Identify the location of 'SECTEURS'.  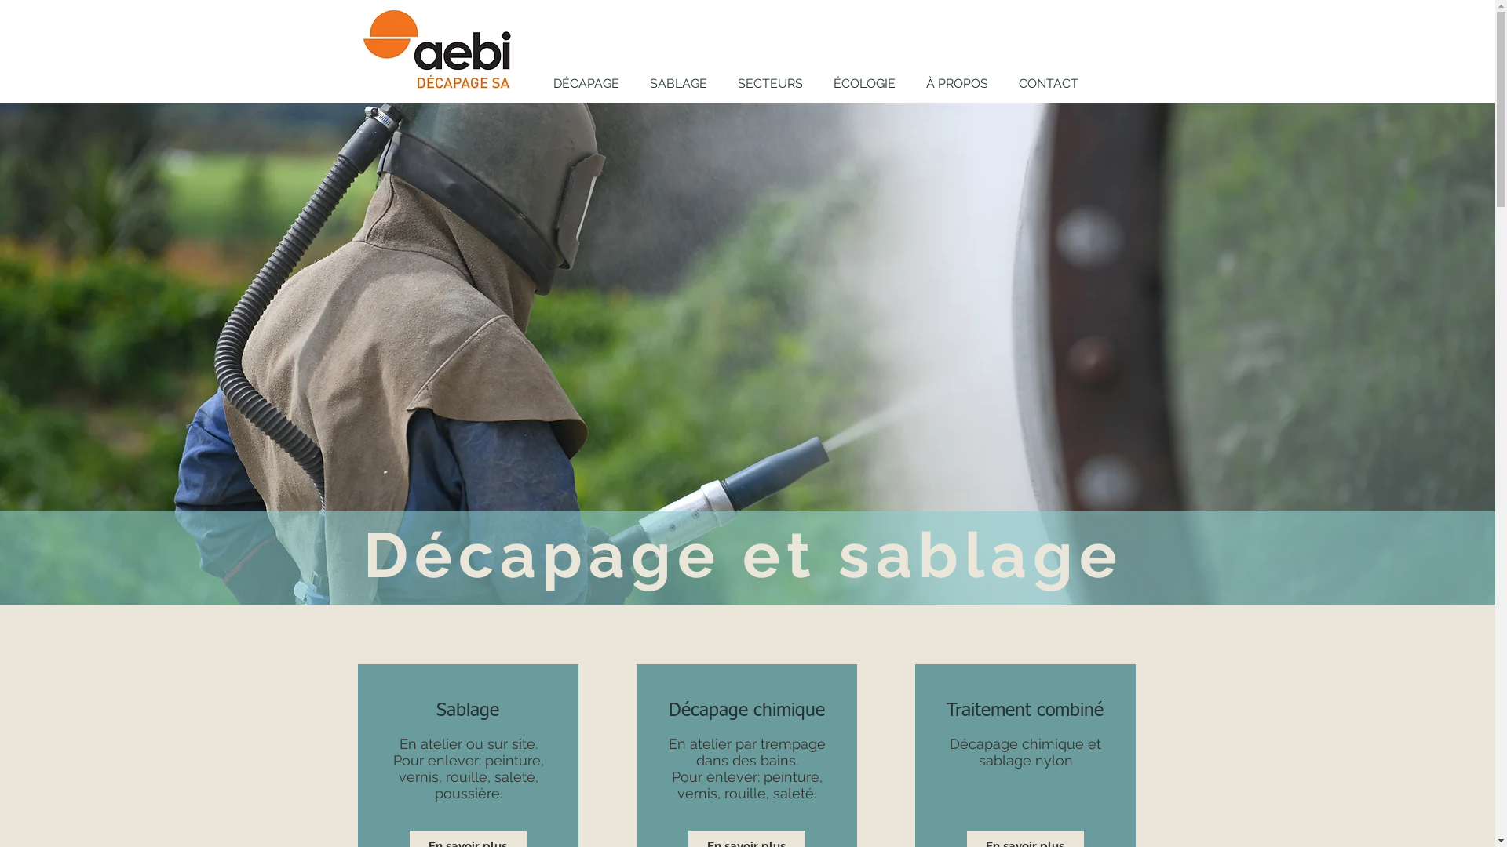
(769, 84).